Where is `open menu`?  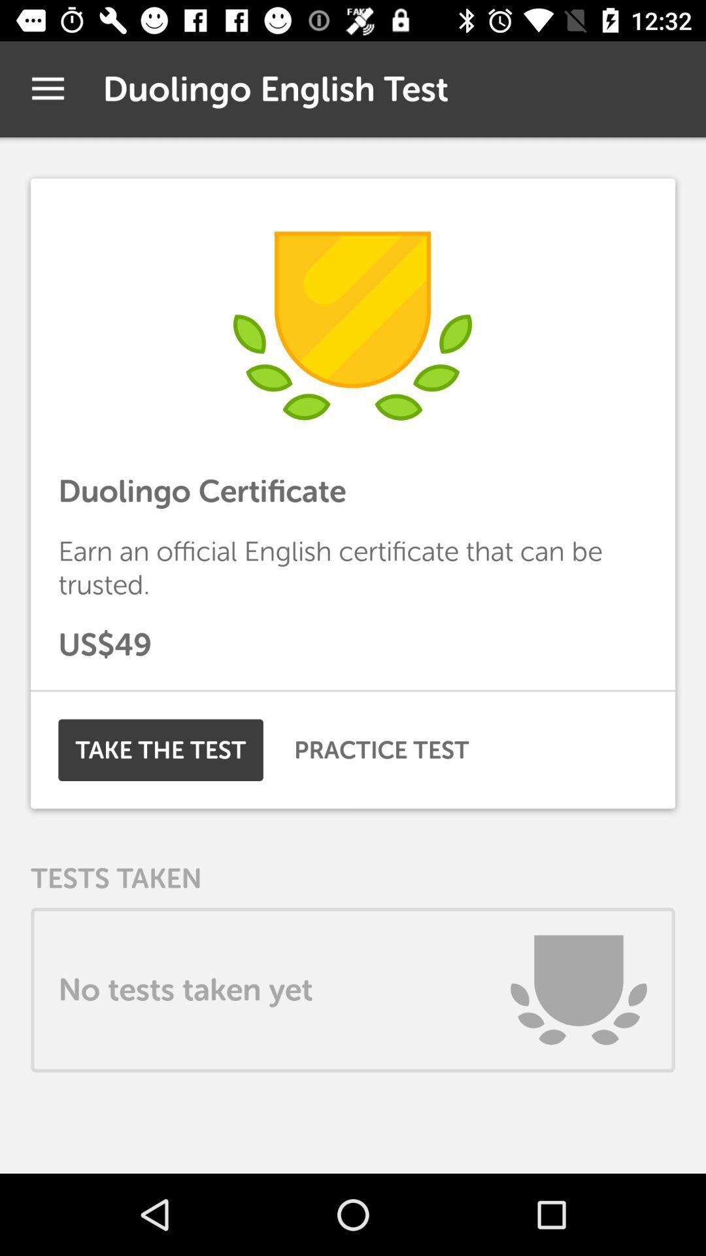 open menu is located at coordinates (47, 88).